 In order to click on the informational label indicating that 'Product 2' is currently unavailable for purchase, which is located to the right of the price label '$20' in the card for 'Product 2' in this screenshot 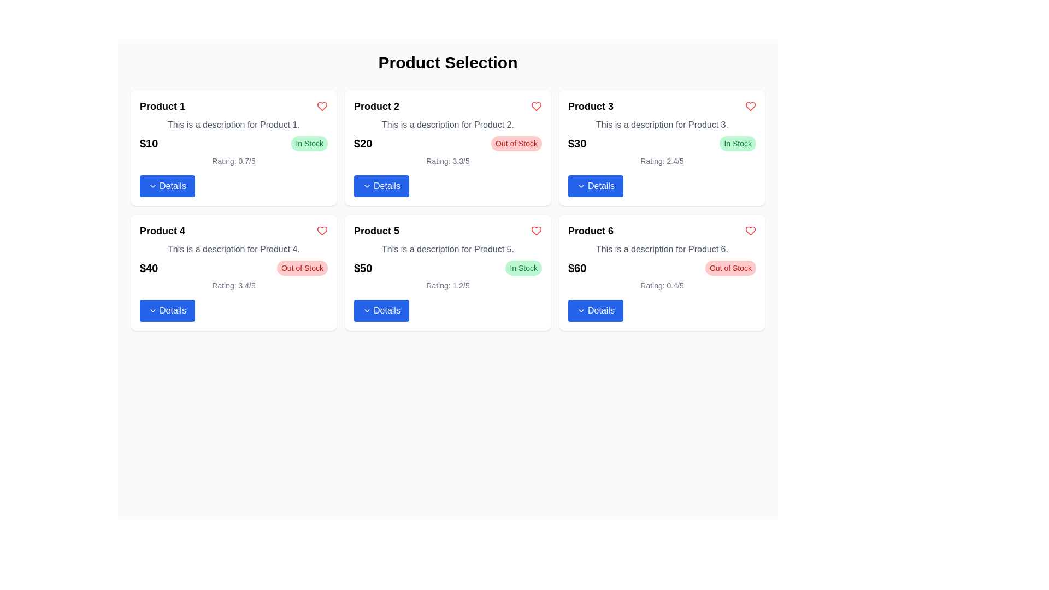, I will do `click(516, 143)`.